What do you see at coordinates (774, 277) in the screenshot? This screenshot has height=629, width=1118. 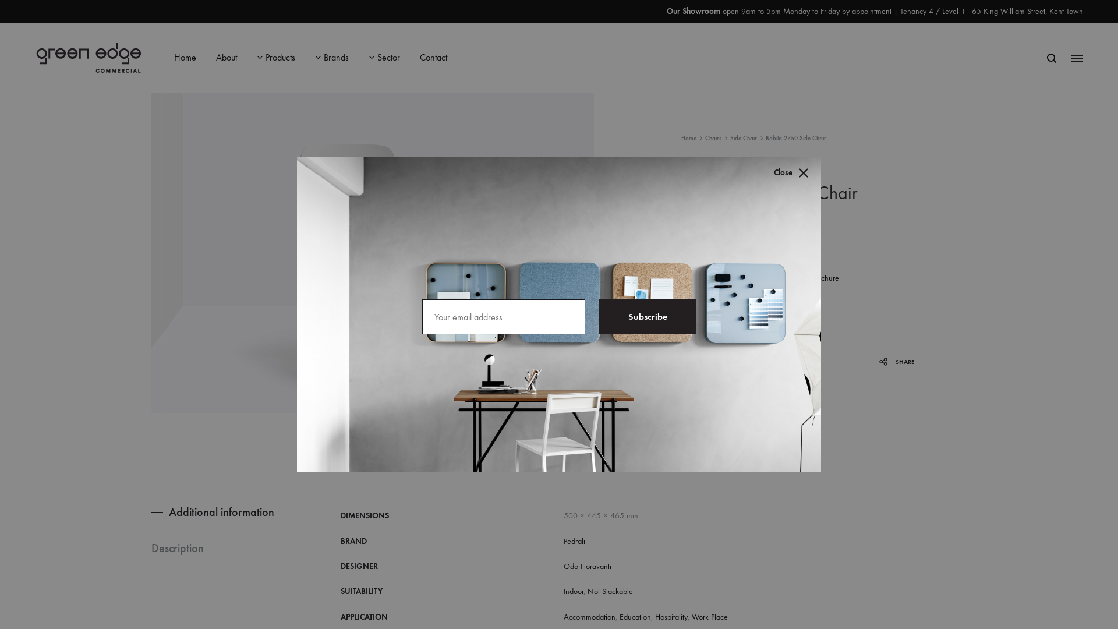 I see `'Download Brochure'` at bounding box center [774, 277].